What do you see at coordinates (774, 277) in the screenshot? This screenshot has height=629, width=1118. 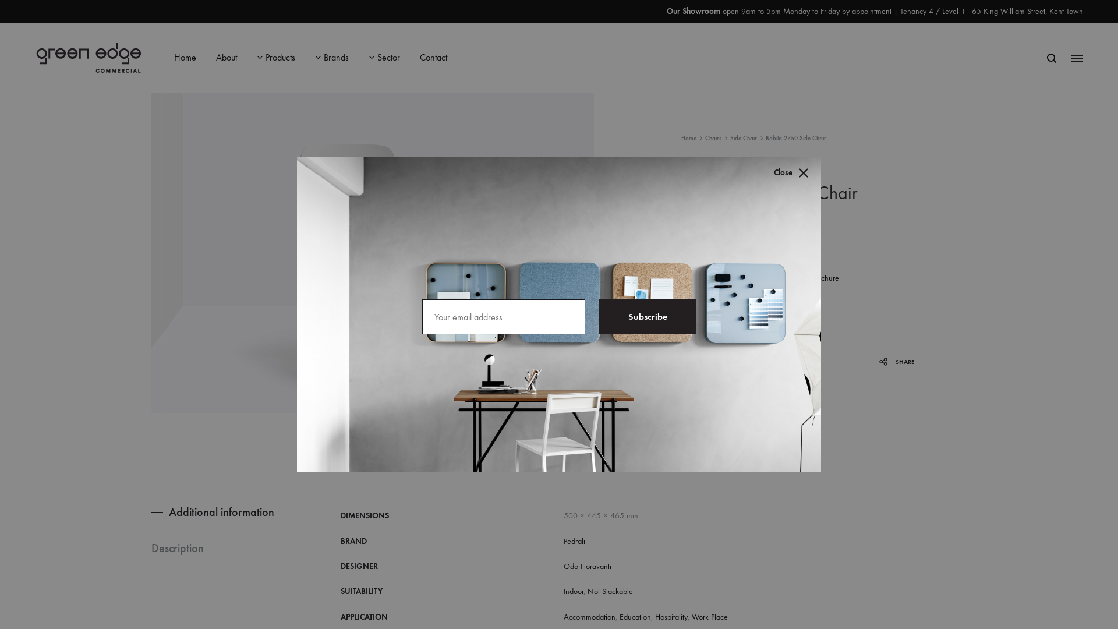 I see `'Download Brochure'` at bounding box center [774, 277].